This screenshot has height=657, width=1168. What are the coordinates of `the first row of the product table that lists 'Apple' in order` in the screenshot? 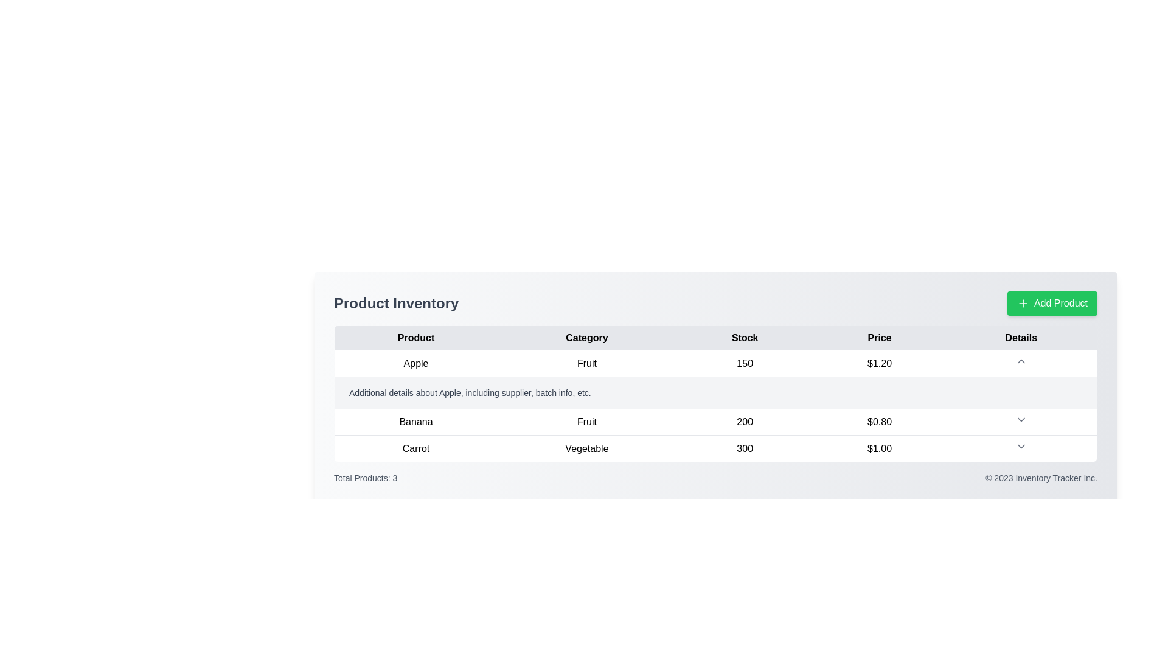 It's located at (715, 363).